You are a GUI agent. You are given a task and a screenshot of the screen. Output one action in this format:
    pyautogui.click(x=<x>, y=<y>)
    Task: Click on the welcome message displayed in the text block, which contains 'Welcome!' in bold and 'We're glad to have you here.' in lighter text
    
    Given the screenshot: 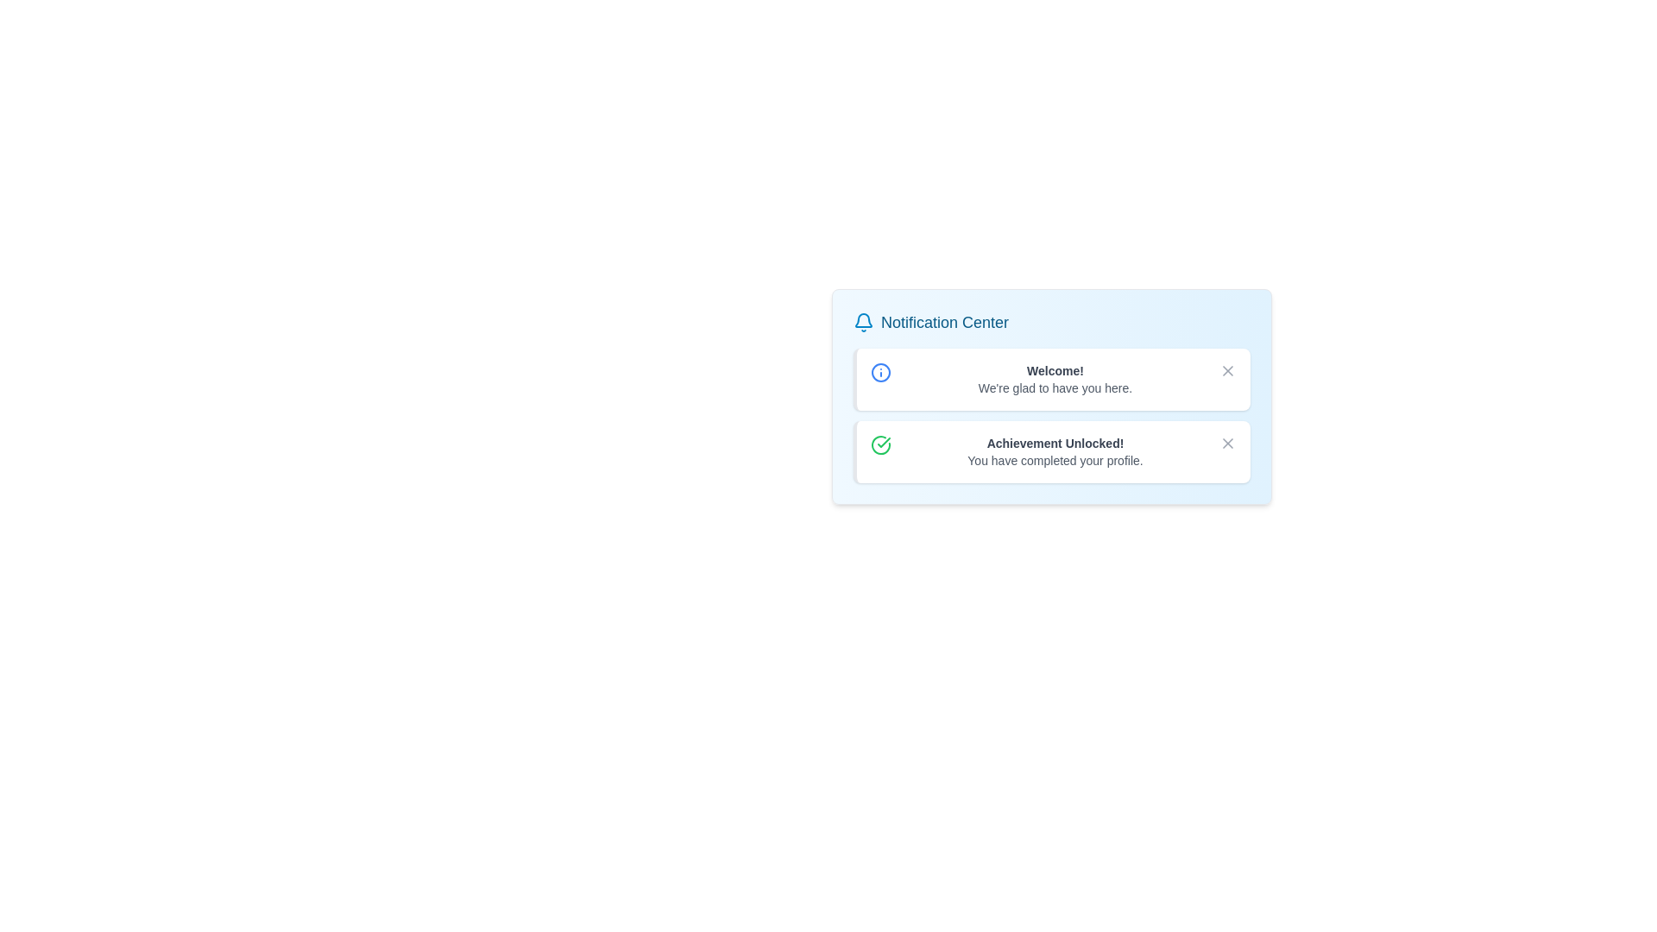 What is the action you would take?
    pyautogui.click(x=1055, y=378)
    